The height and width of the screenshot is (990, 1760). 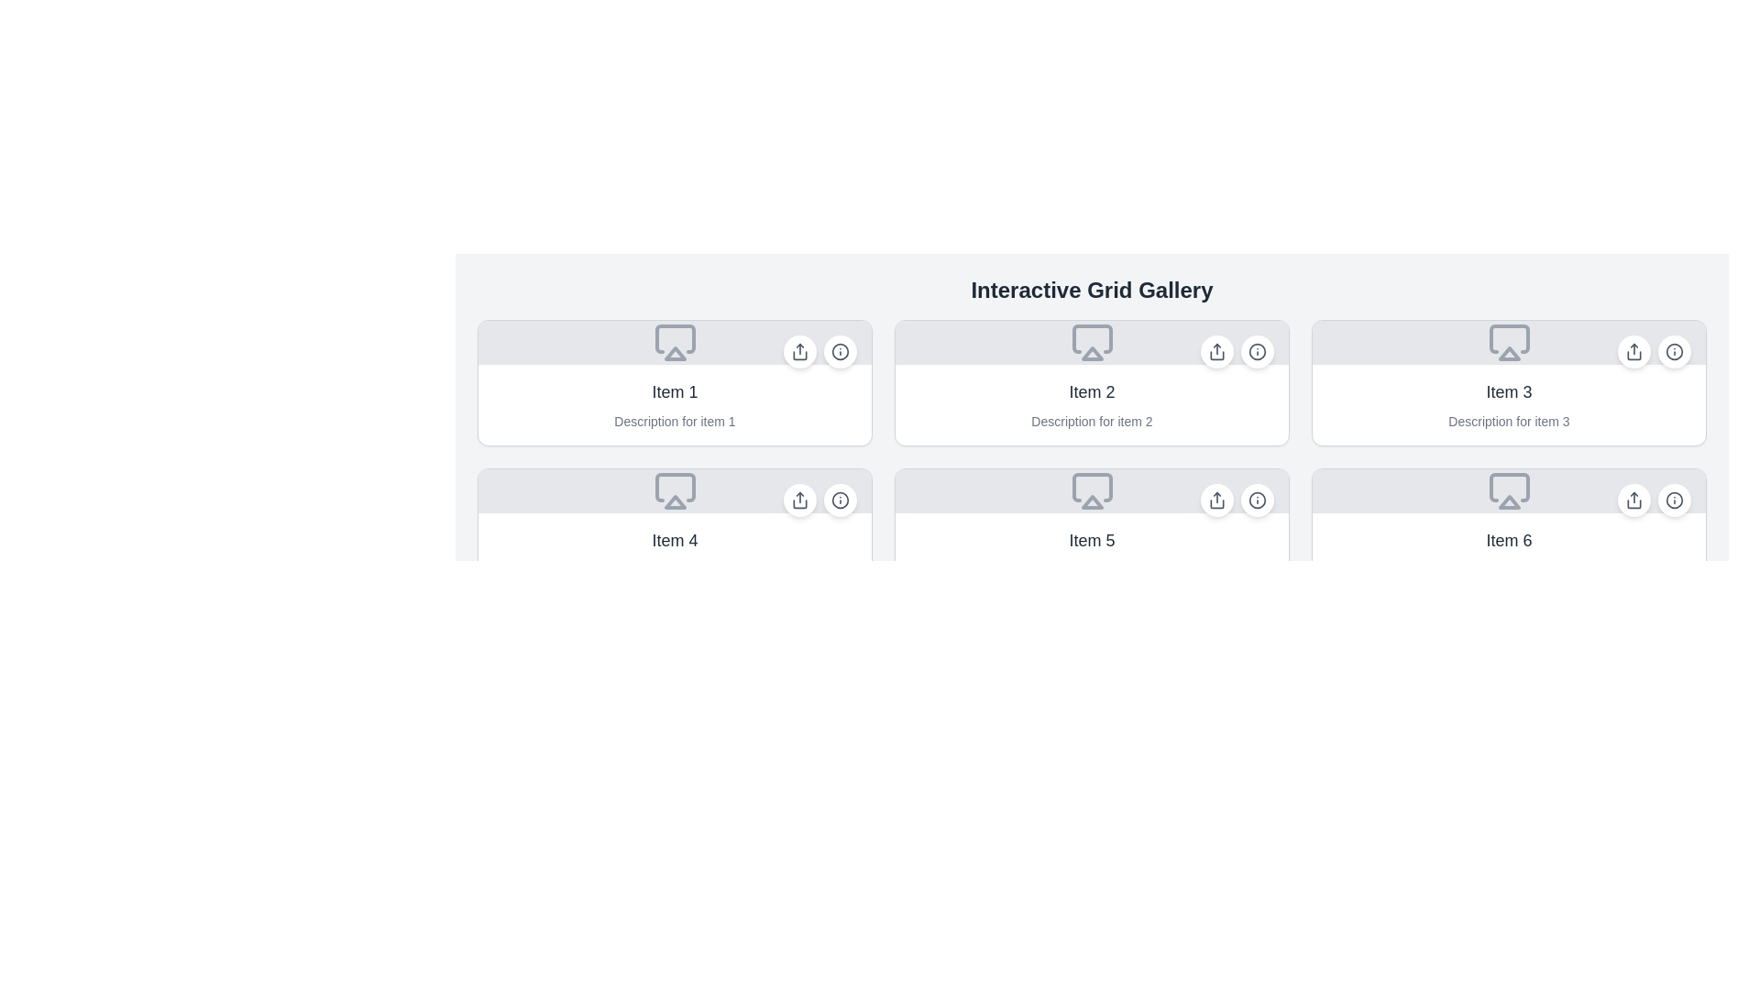 What do you see at coordinates (839, 352) in the screenshot?
I see `the small circular button with a white background and a gray outlined circle icon located in the top-right portion of the 'Item 1' card, which is the second button from the right` at bounding box center [839, 352].